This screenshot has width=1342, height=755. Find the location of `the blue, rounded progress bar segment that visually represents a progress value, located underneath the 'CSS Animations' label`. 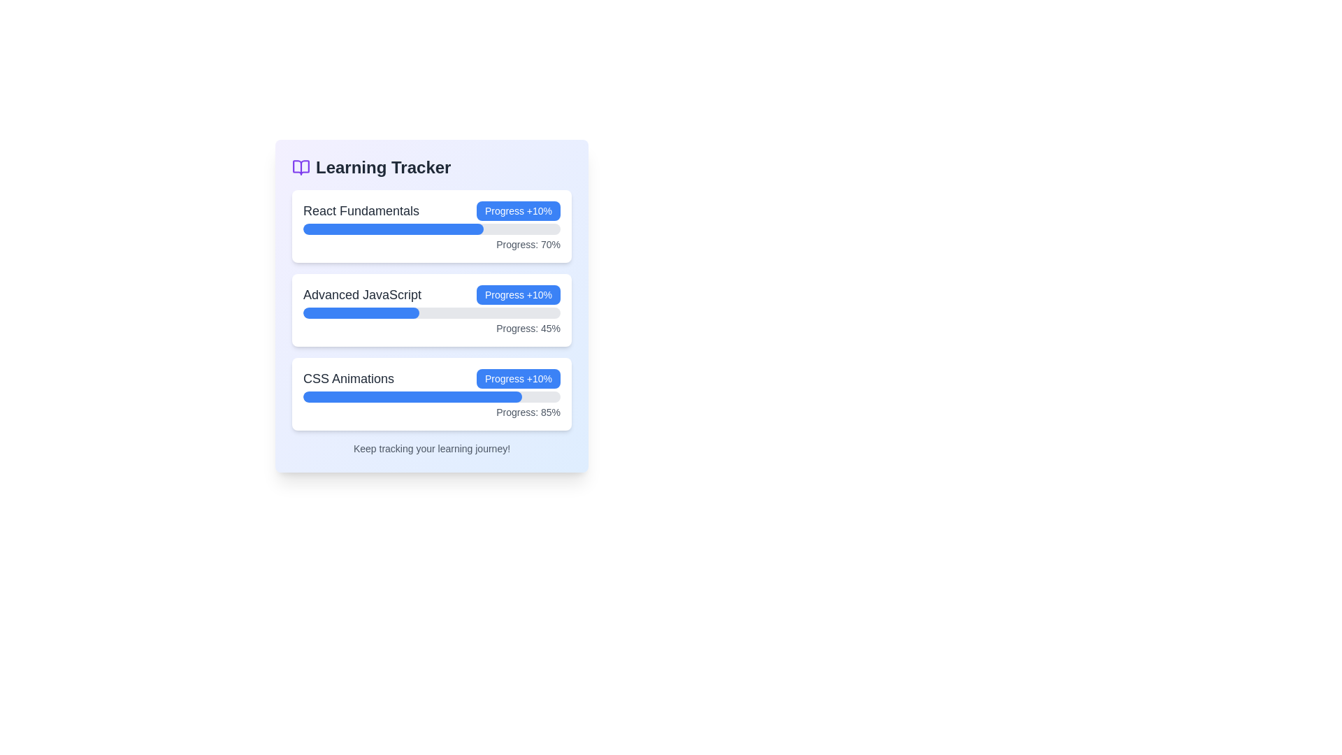

the blue, rounded progress bar segment that visually represents a progress value, located underneath the 'CSS Animations' label is located at coordinates (412, 396).